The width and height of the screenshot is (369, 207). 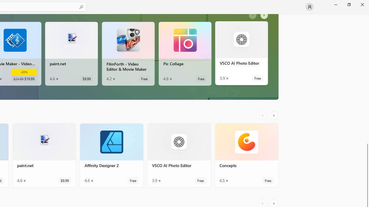 What do you see at coordinates (185, 55) in the screenshot?
I see `'Pic Collage. Average rating of 4.8 out of five stars. Free  '` at bounding box center [185, 55].